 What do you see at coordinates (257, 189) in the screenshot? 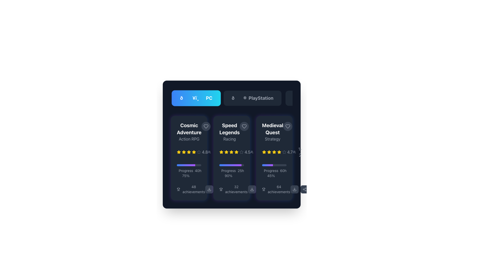
I see `the trophy icon in the interactive buttons beneath the 'Speed Legends' game card` at bounding box center [257, 189].